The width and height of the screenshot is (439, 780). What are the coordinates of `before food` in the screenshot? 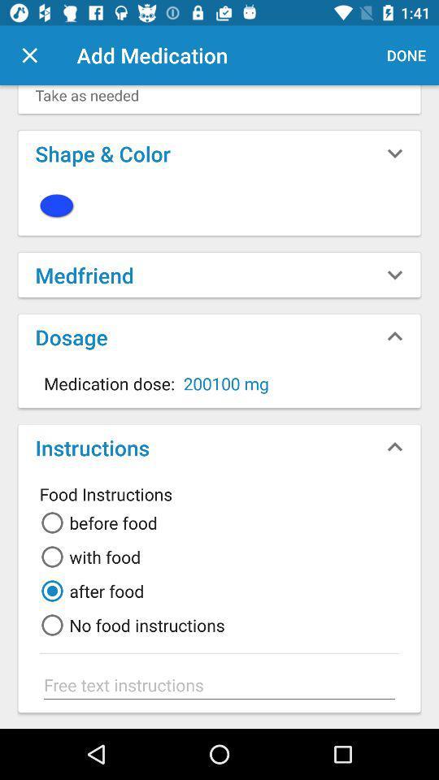 It's located at (96, 522).